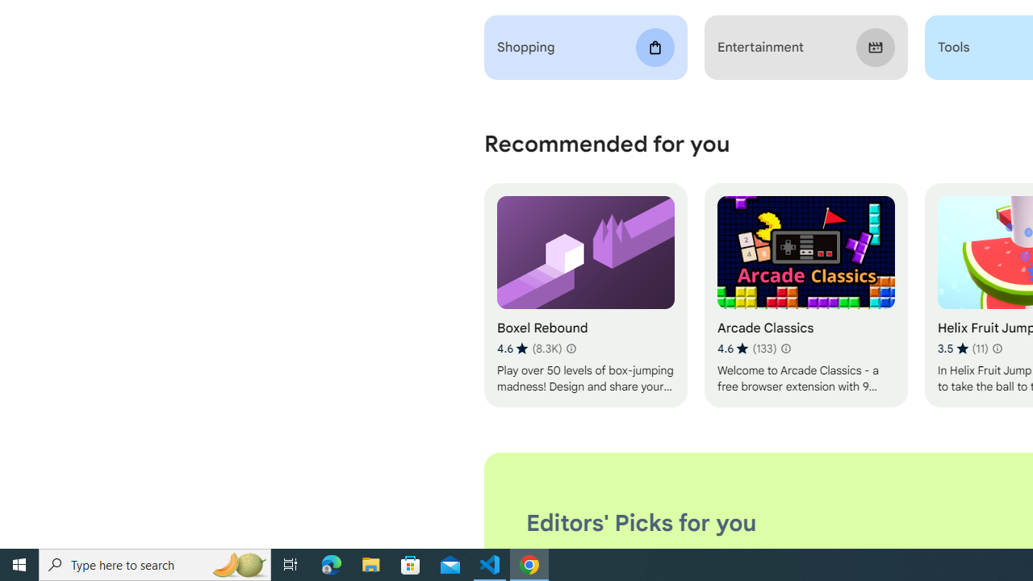 This screenshot has width=1033, height=581. Describe the element at coordinates (529, 348) in the screenshot. I see `'Average rating 4.6 out of 5 stars. 8.3K ratings.'` at that location.